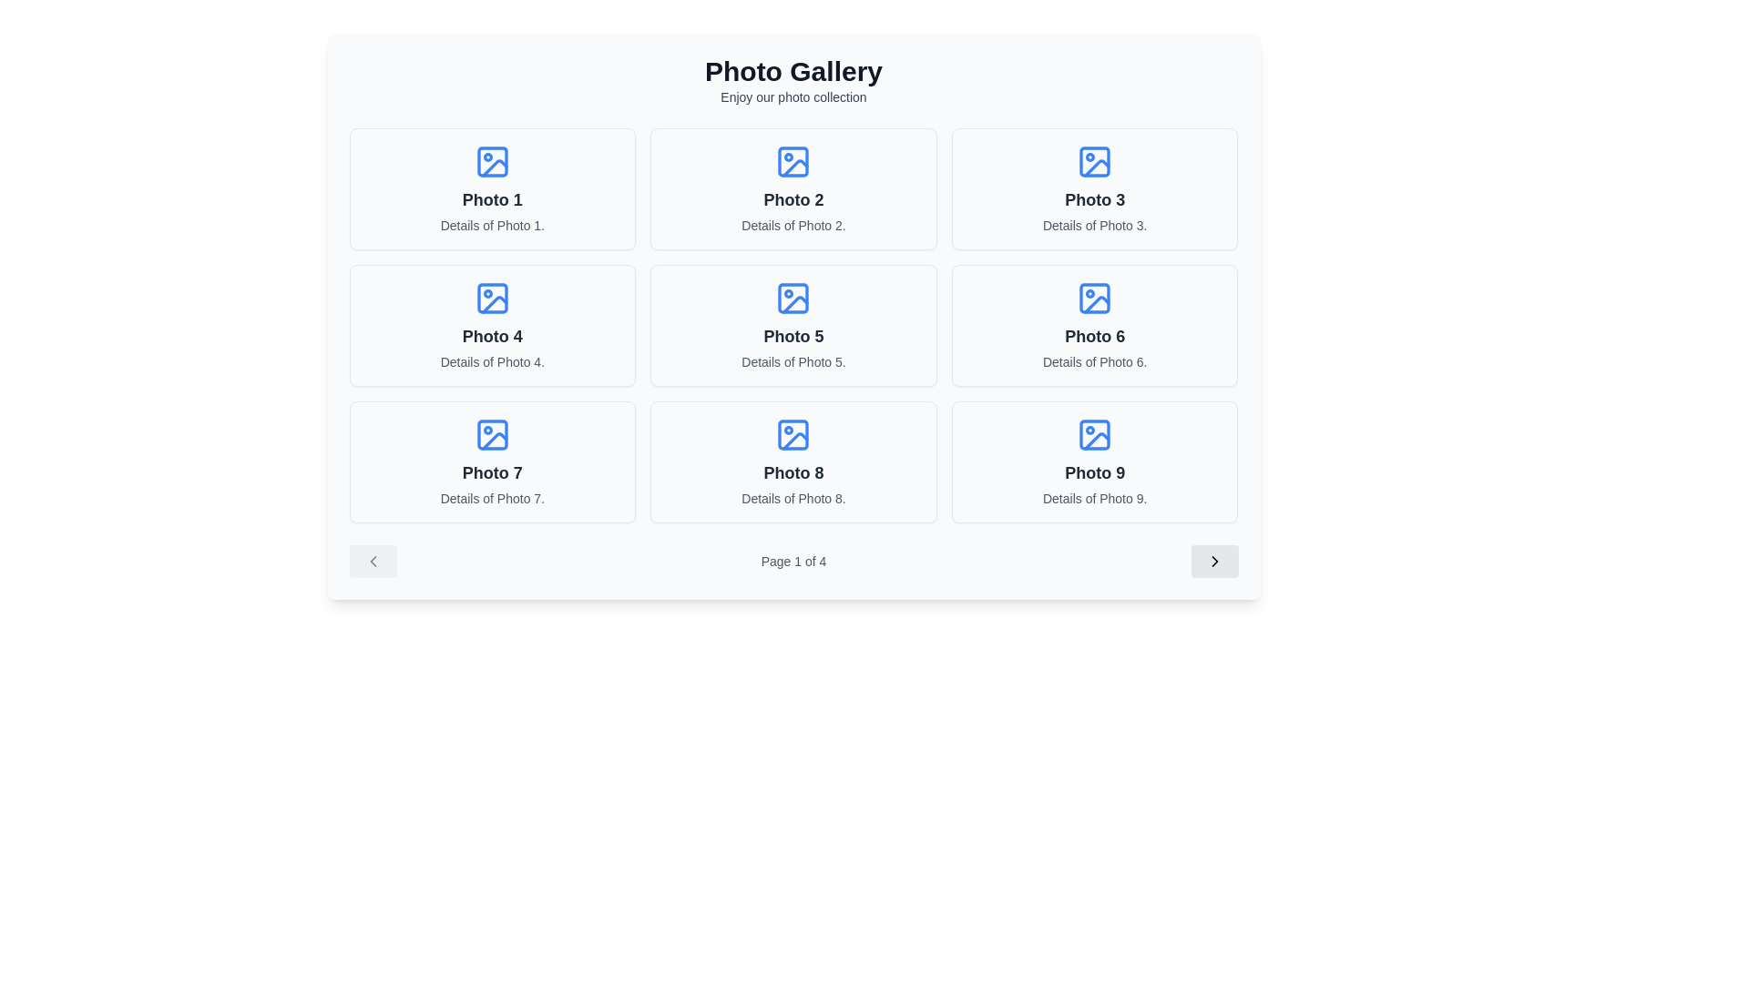 Image resolution: width=1749 pixels, height=983 pixels. I want to click on the blue-colored background graphic for the icon located in the Photo 5 section in the center row of the interface, which is between Photo 4 and Photo 6, so click(793, 297).